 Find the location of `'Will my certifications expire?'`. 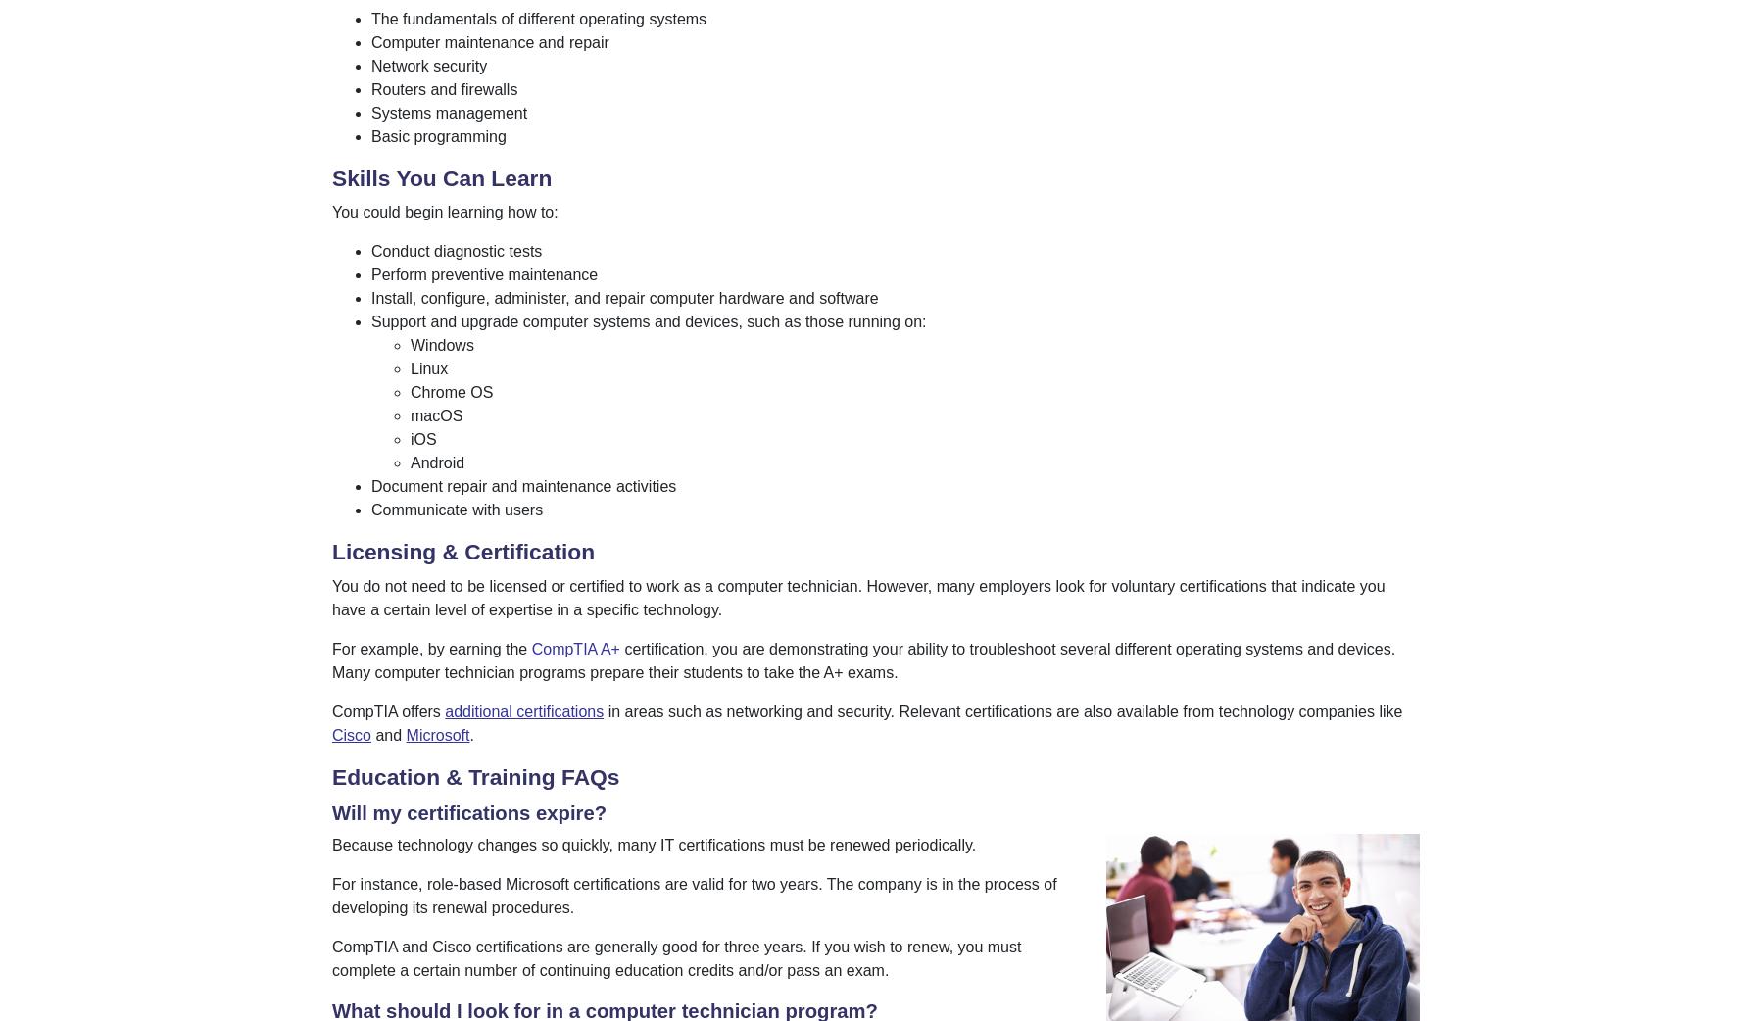

'Will my certifications expire?' is located at coordinates (331, 812).